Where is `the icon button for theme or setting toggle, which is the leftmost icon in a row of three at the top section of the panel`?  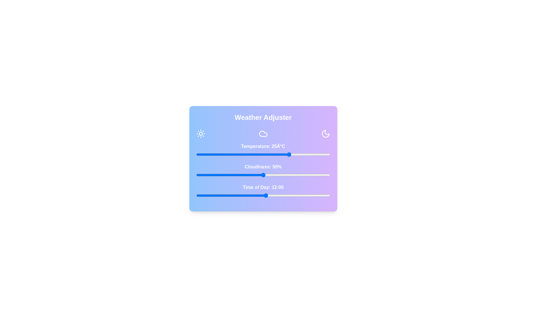
the icon button for theme or setting toggle, which is the leftmost icon in a row of three at the top section of the panel is located at coordinates (201, 133).